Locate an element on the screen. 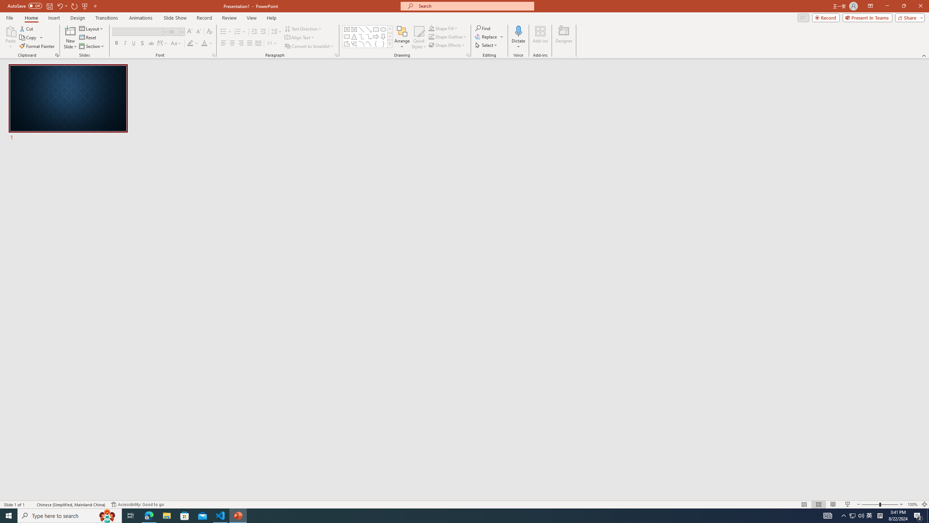  'Justify' is located at coordinates (249, 43).